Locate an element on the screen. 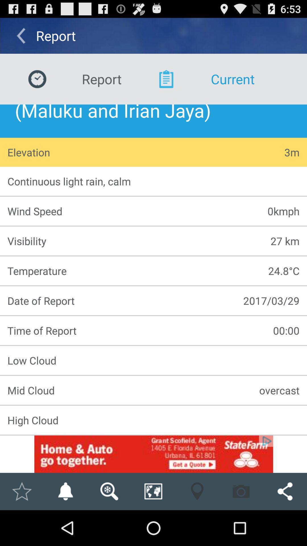 The image size is (307, 546). zoom button is located at coordinates (153, 491).